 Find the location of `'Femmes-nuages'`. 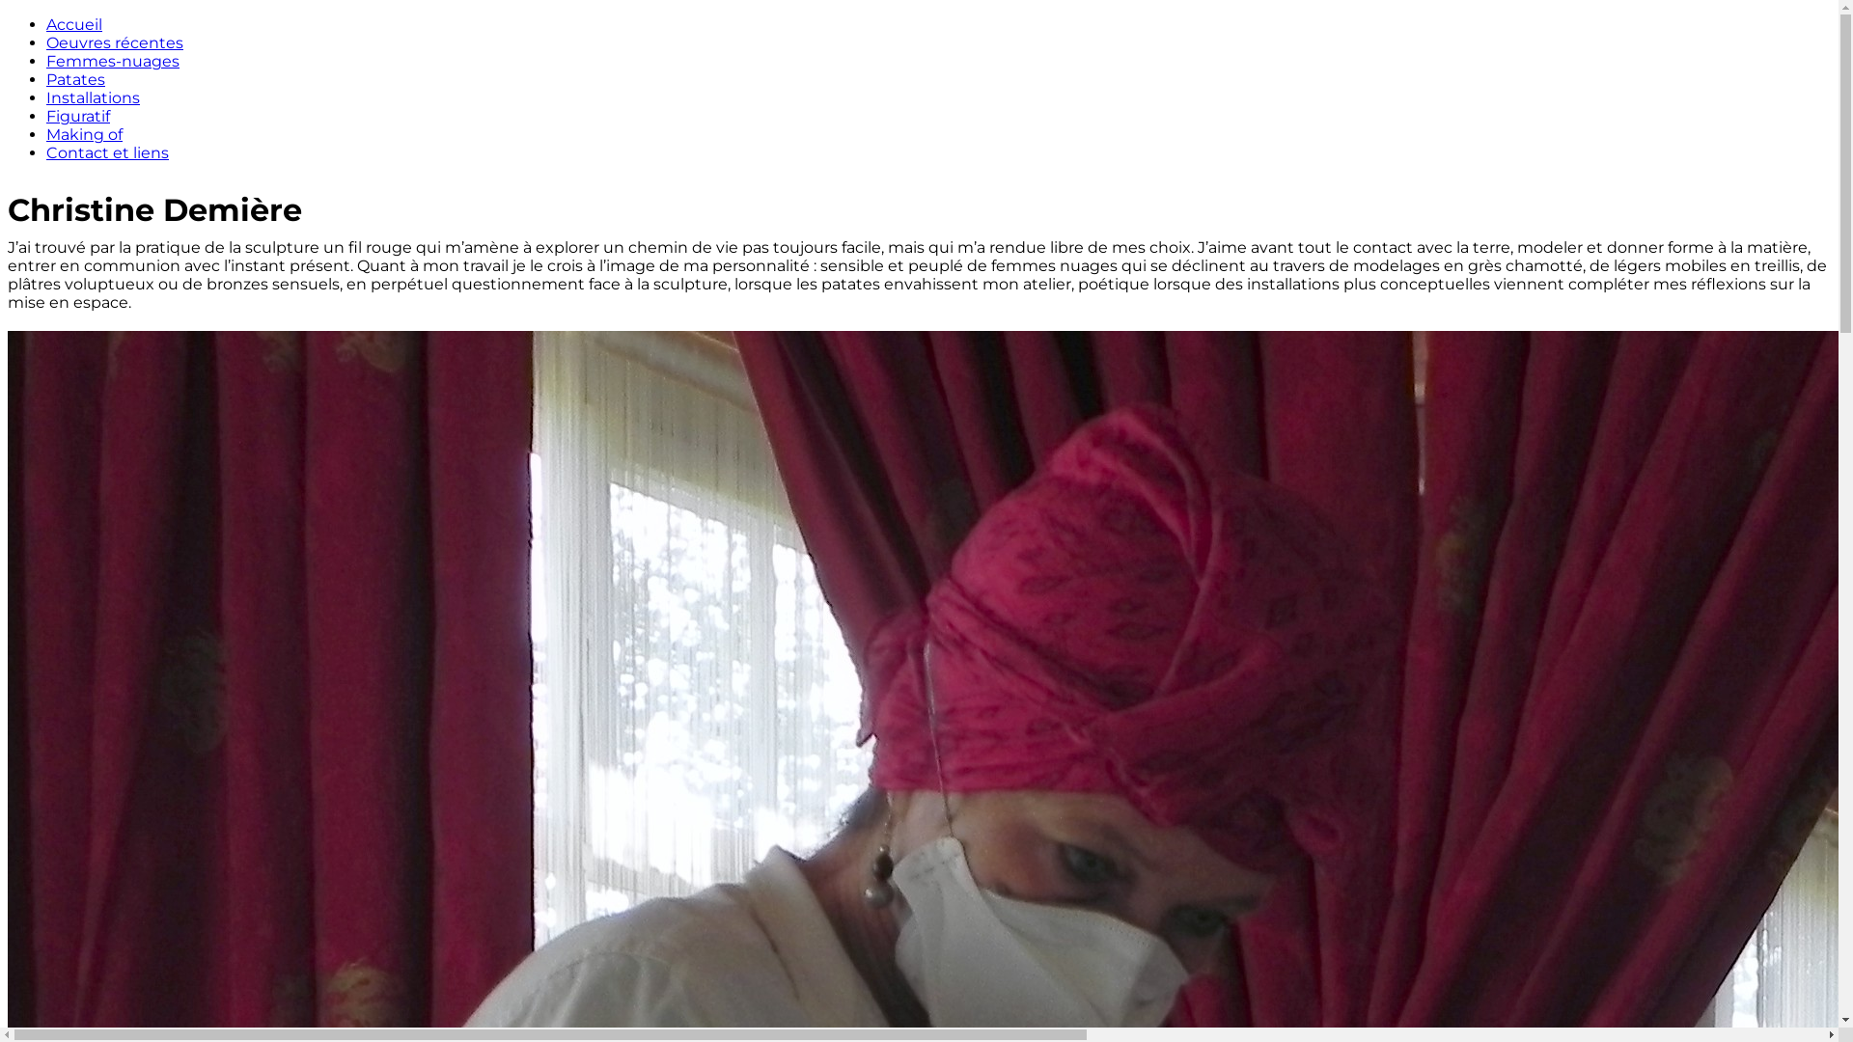

'Femmes-nuages' is located at coordinates (111, 60).